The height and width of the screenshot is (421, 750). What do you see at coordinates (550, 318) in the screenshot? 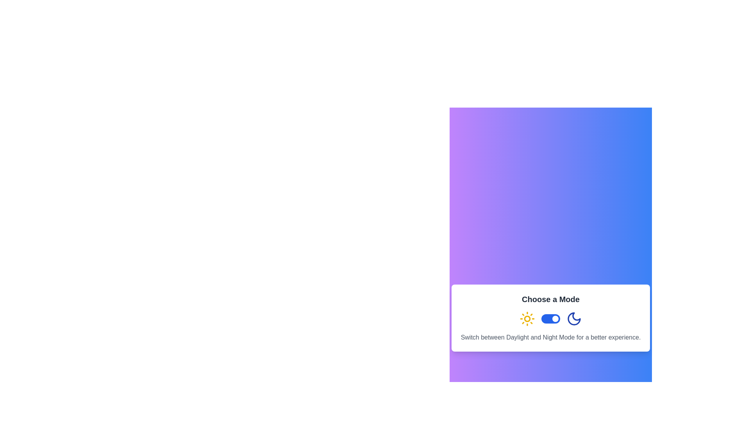
I see `the toggle switch located in the second row of the 'Choose a Mode' box to switch between daylight and night mode` at bounding box center [550, 318].